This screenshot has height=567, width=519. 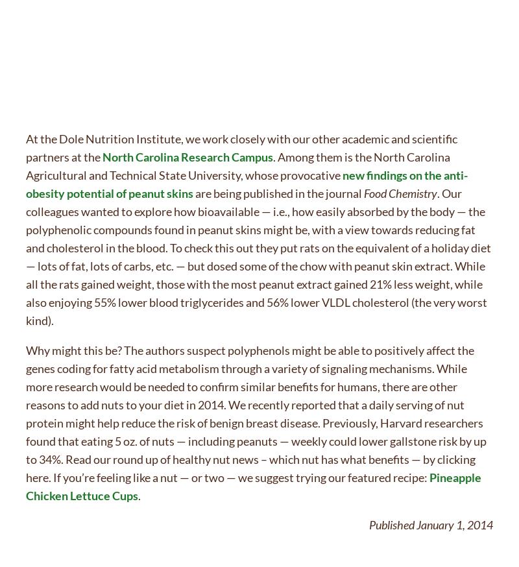 What do you see at coordinates (256, 413) in the screenshot?
I see `'Why might this be? The authors suspect polyphenols might be able to positively affect the genes coding for fatty acid metabolism through a variety of signaling mechanisms. While more research would be needed to confirm similar benefits for humans, there are other reasons to add nuts to your diet in 2014. We recently reported that a daily serving of nut protein might help reduce the risk of benign breast disease. Previously, Harvard researchers found that eating 5 oz. of nuts — including peanuts — weekly could lower gallstone risk by up to 34%. Read our round up of healthy nut news – which nut has what benefits — by clicking here. If you’re feeling like a nut — or two — we suggest trying our featured recipe:'` at bounding box center [256, 413].